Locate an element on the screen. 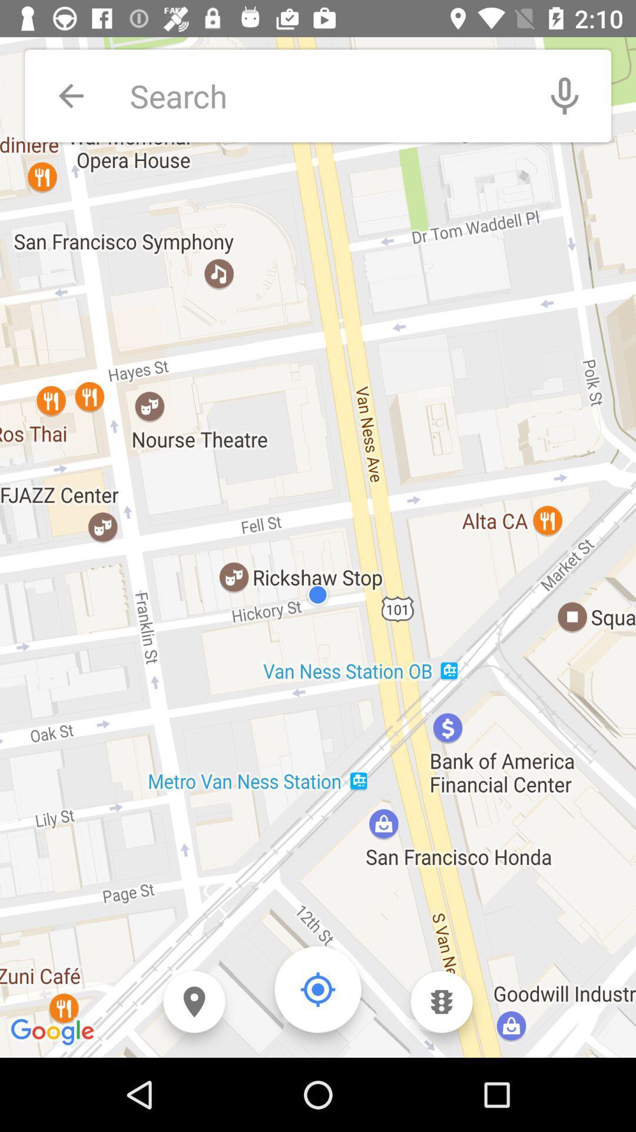  traffic view icon is located at coordinates (441, 1001).